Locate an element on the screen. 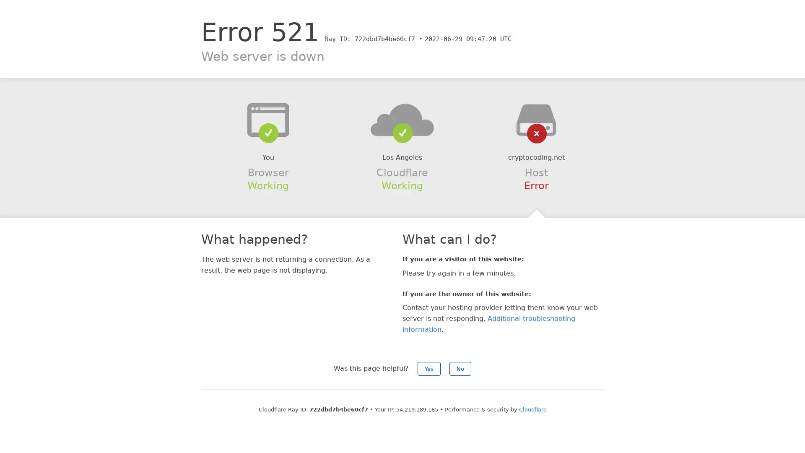 This screenshot has width=805, height=453. No is located at coordinates (460, 368).